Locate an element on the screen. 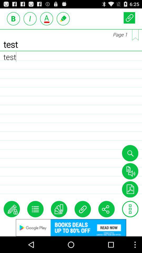 This screenshot has height=253, width=142. google play is located at coordinates (71, 227).